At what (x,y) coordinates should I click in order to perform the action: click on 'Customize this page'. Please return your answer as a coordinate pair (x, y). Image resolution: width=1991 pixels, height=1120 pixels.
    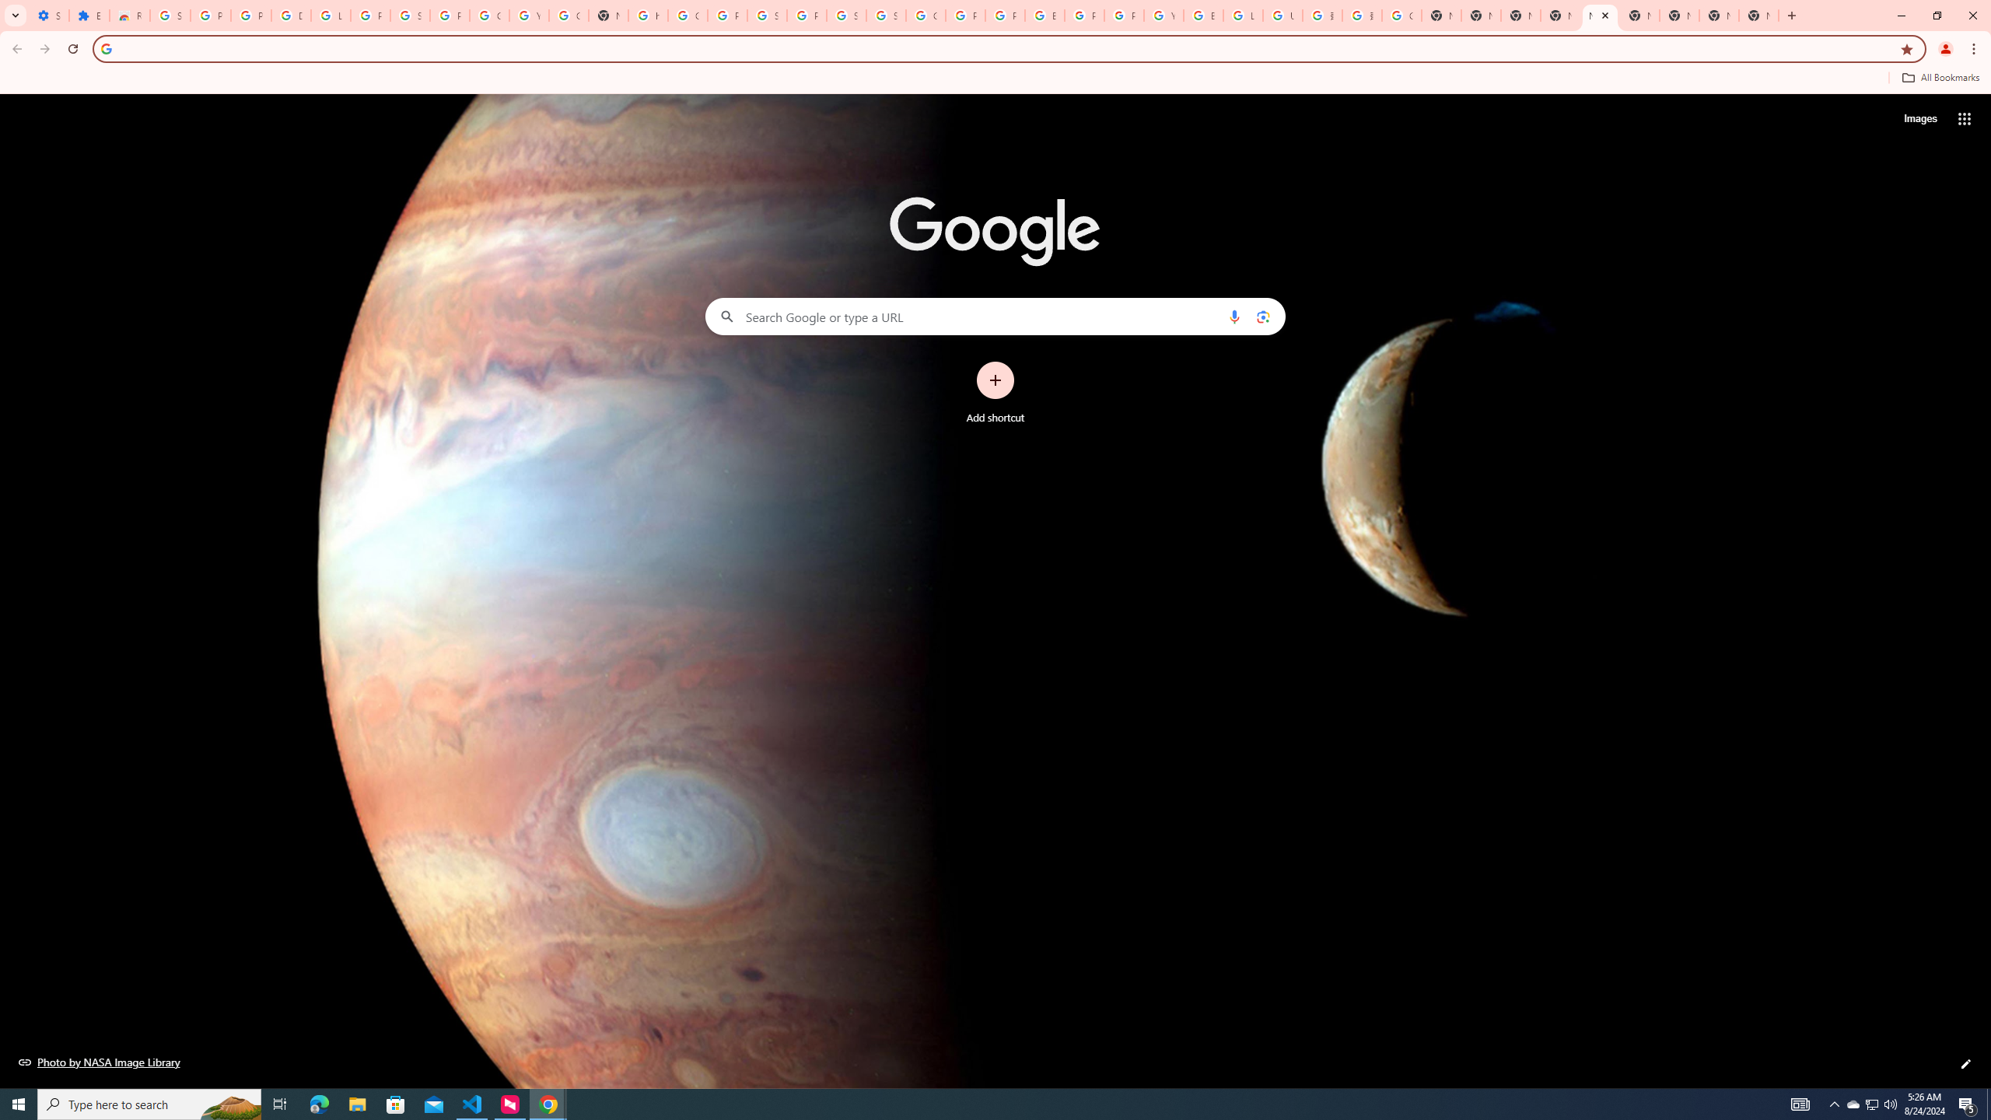
    Looking at the image, I should click on (1965, 1063).